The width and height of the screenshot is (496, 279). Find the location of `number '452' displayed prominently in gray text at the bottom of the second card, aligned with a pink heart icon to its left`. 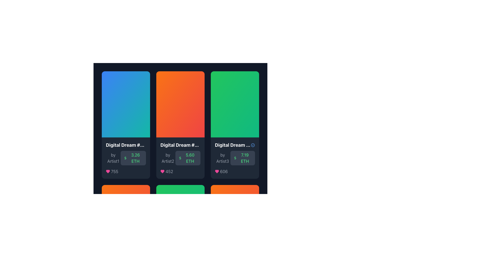

number '452' displayed prominently in gray text at the bottom of the second card, aligned with a pink heart icon to its left is located at coordinates (169, 171).